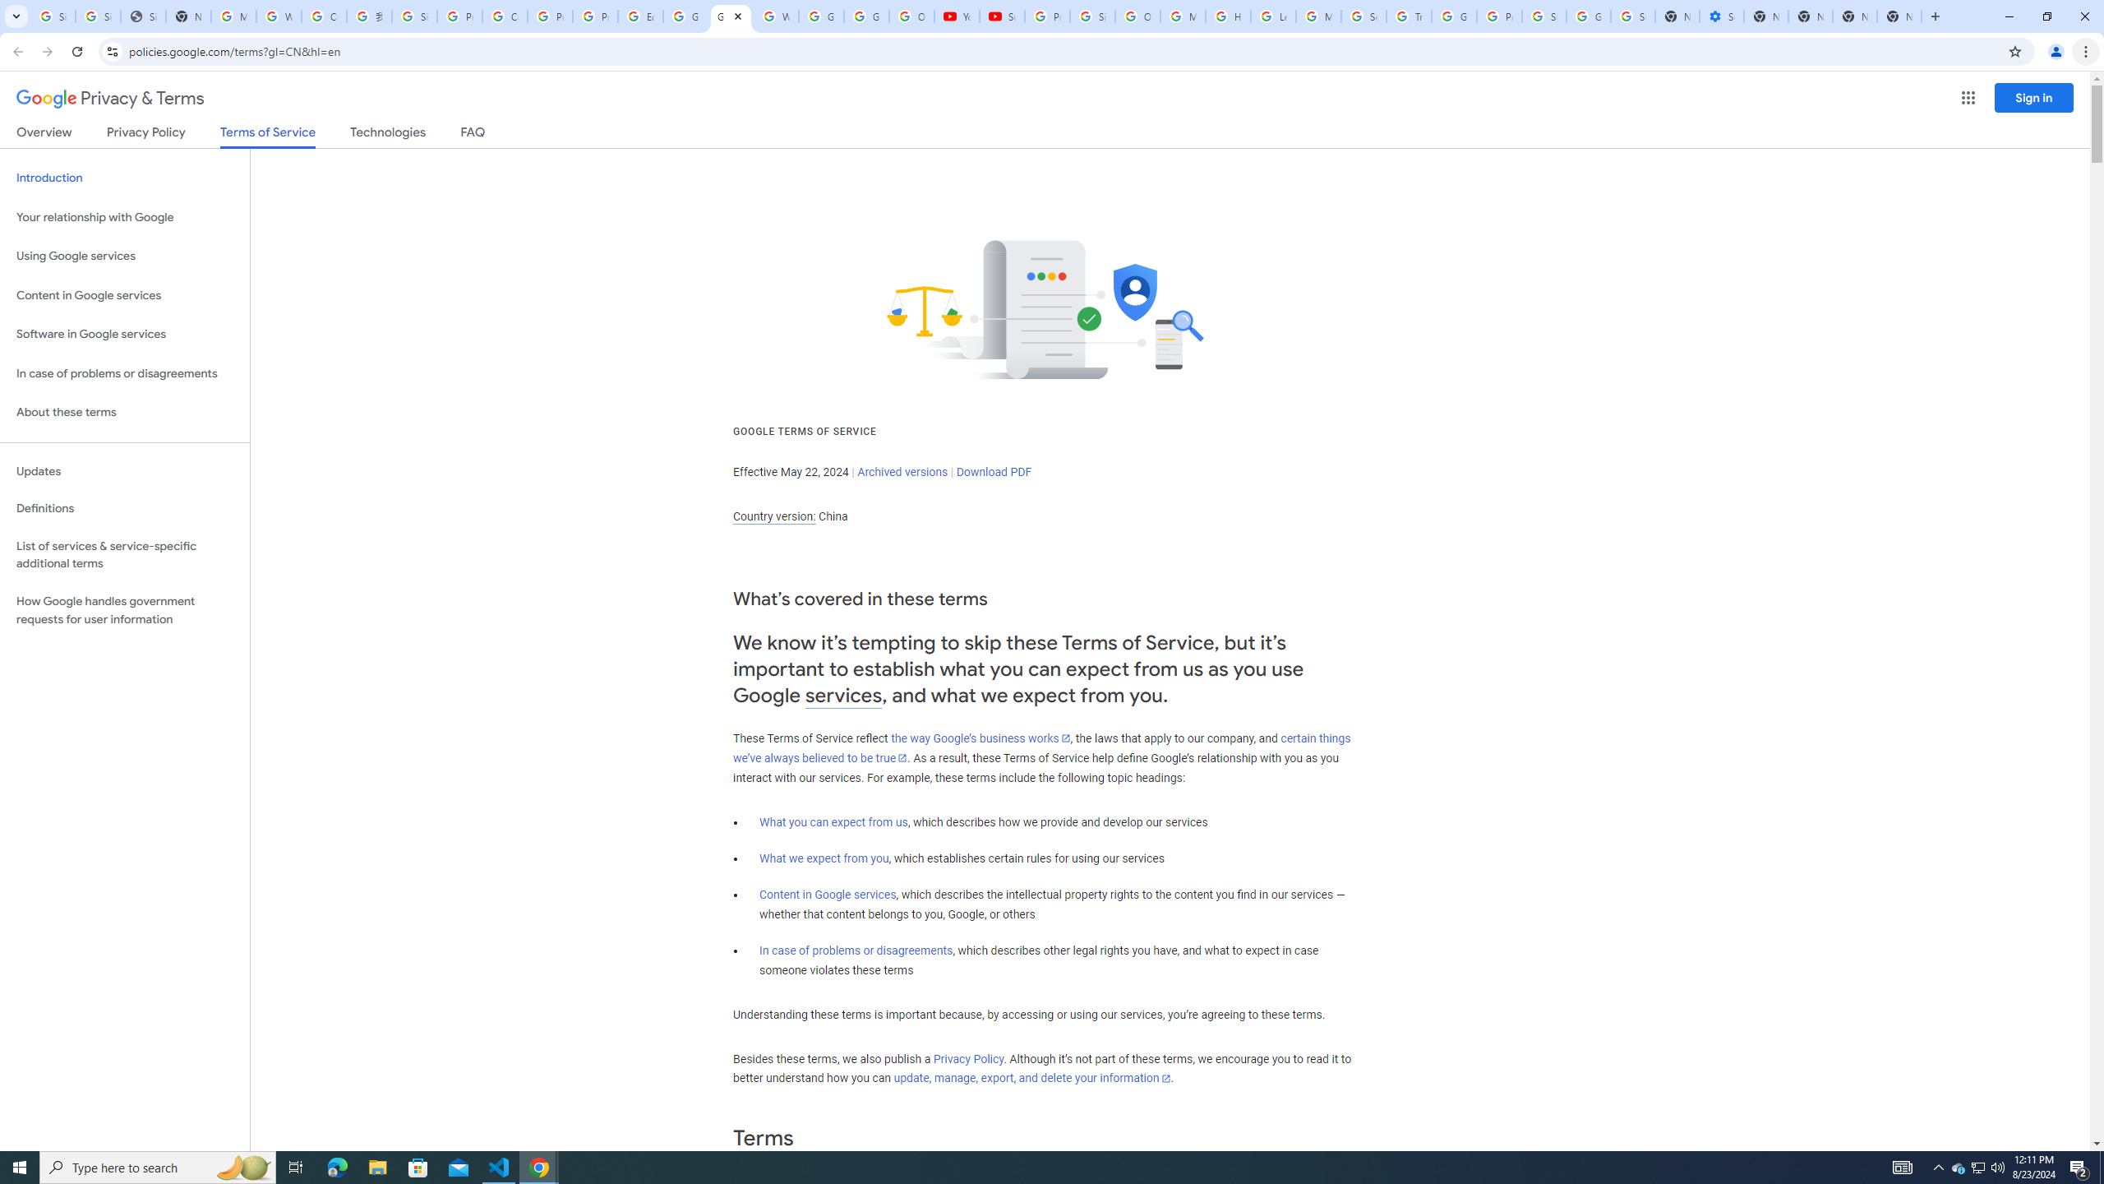 Image resolution: width=2104 pixels, height=1184 pixels. What do you see at coordinates (902, 470) in the screenshot?
I see `'Archived versions'` at bounding box center [902, 470].